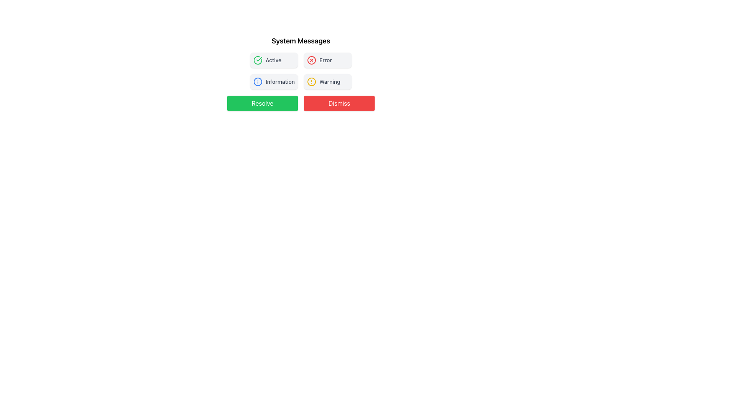  I want to click on the 'Active' status indicator icon, which is located to the left of the text label 'Active', so click(258, 60).